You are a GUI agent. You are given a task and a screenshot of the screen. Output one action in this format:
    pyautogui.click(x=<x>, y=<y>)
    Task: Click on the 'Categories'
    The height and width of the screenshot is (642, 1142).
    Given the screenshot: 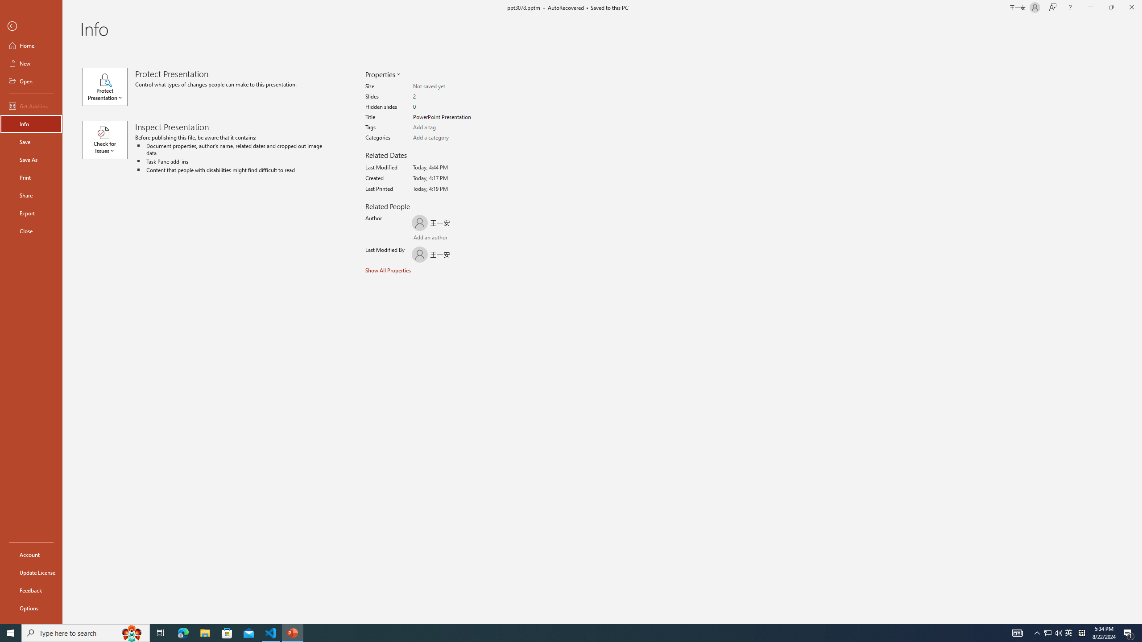 What is the action you would take?
    pyautogui.click(x=447, y=138)
    